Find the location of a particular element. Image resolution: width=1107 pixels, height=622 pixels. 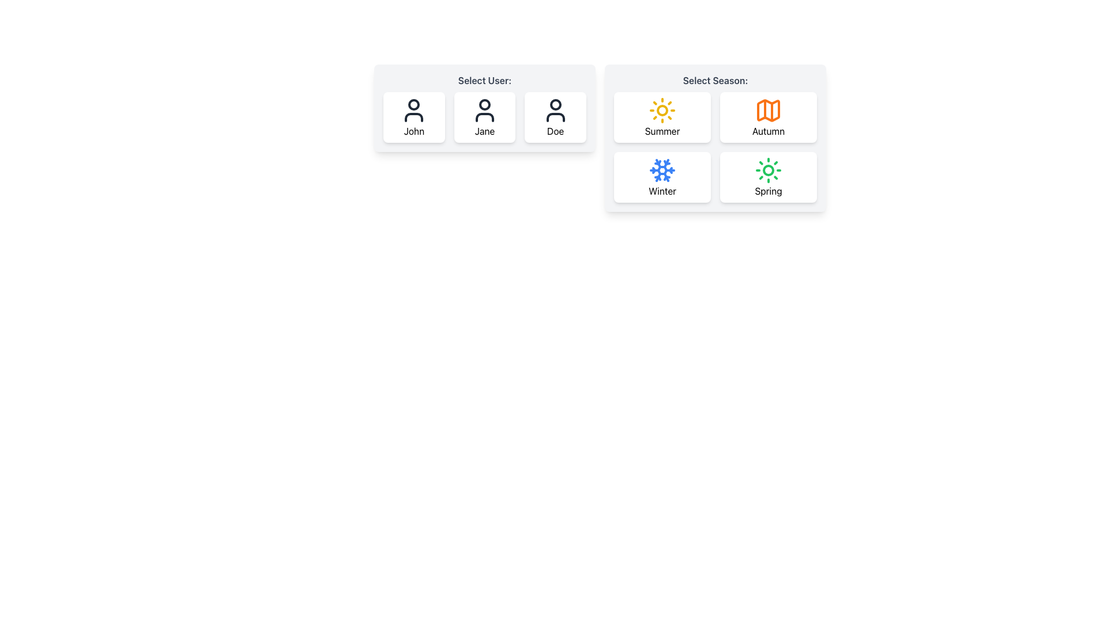

the rectangular button with rounded corners containing a yellow sun-like icon and the word 'Summer' in bold dark font is located at coordinates (662, 117).